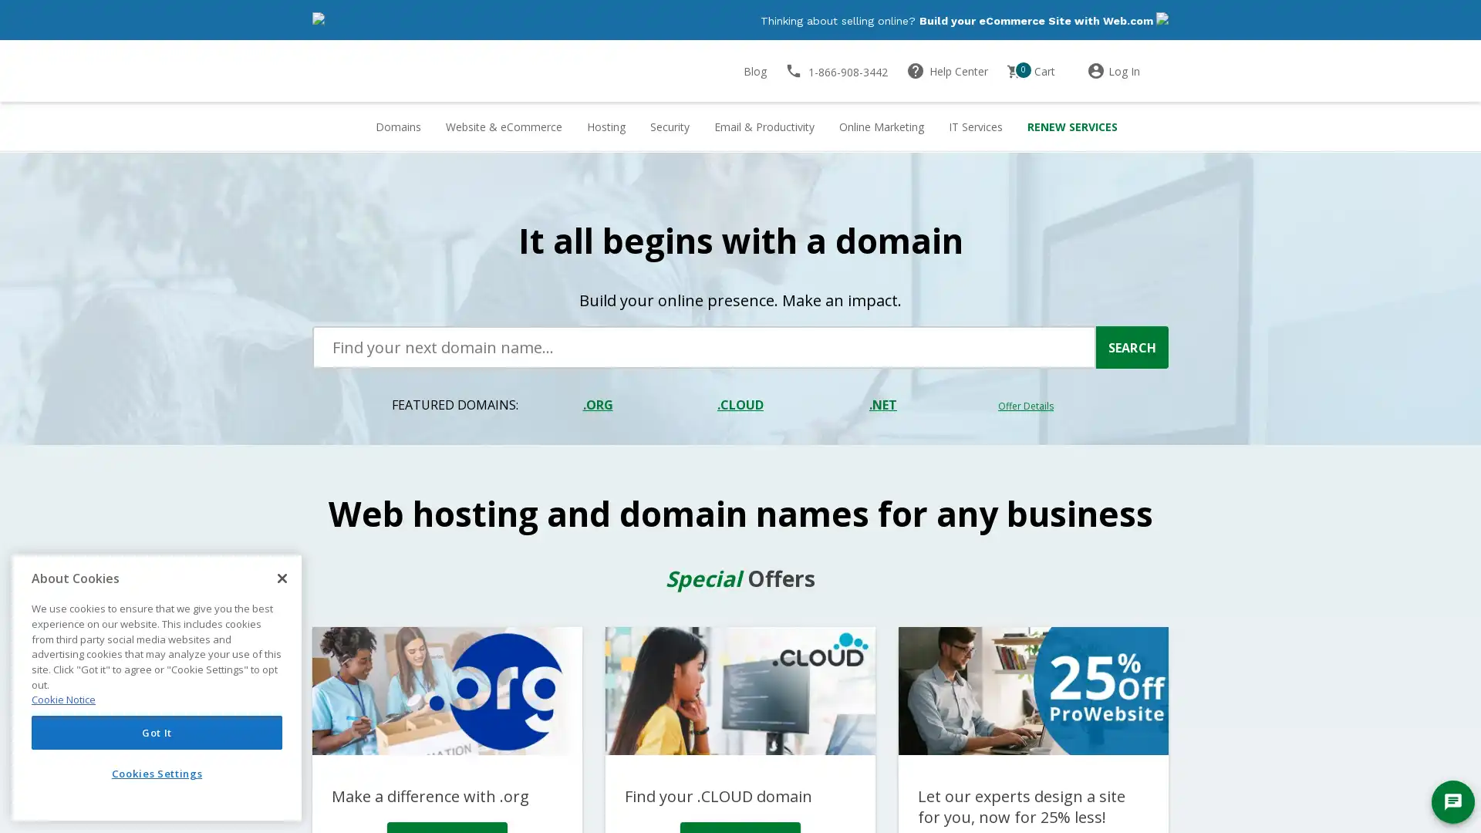  I want to click on SEARCH, so click(1132, 347).